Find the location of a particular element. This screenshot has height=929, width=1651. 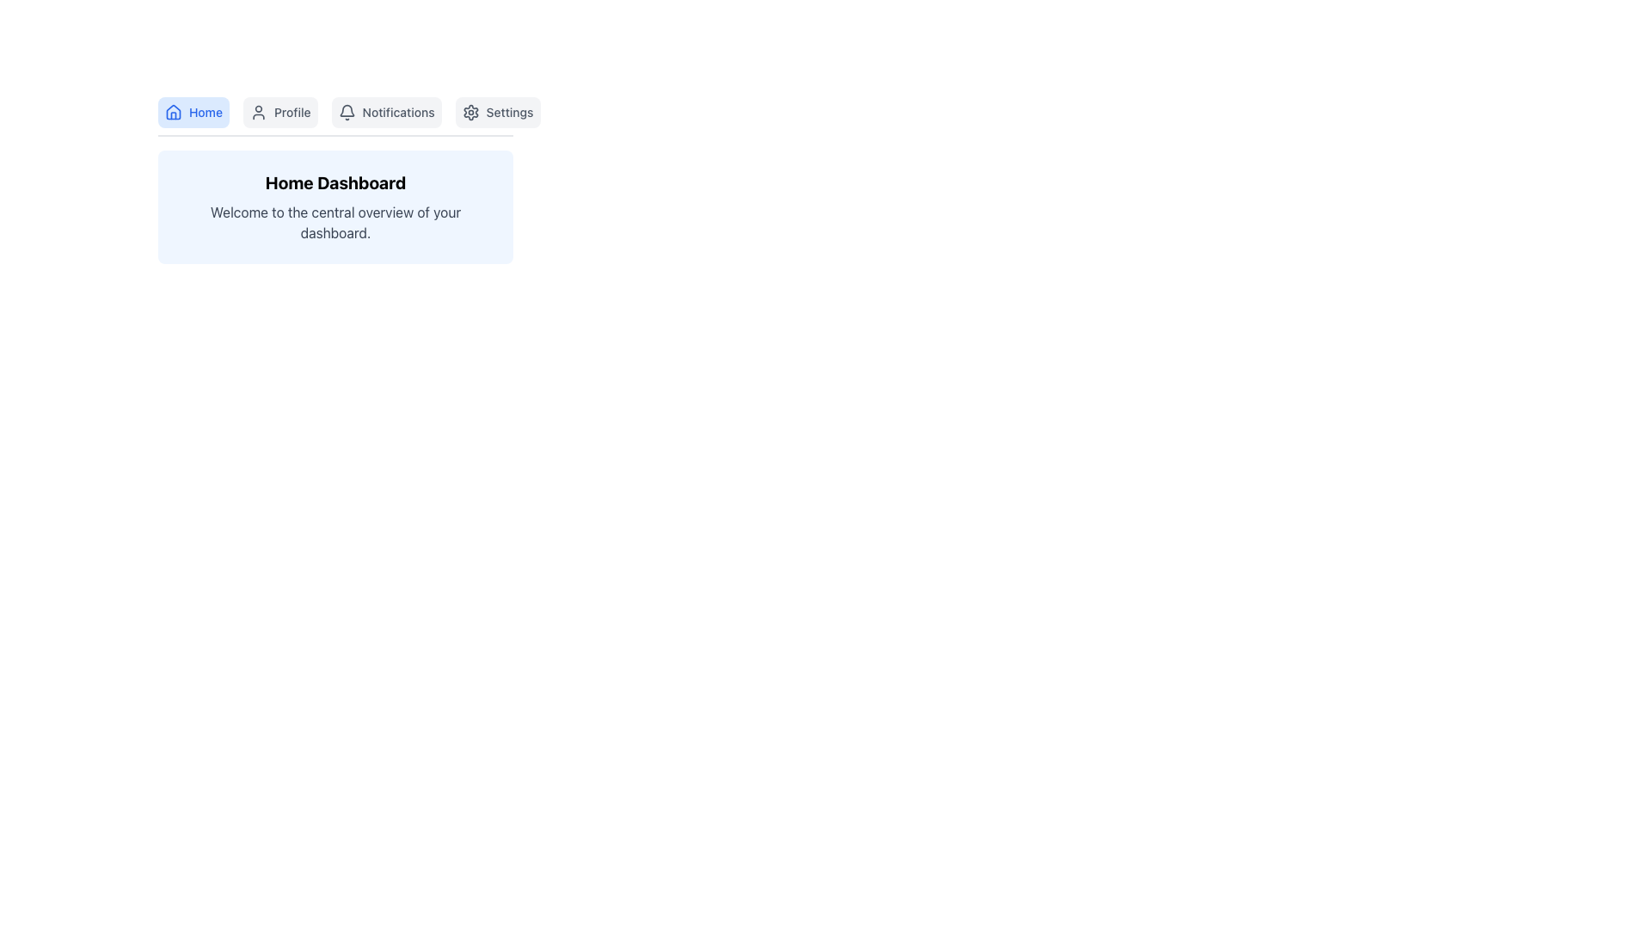

the 'Home' navigation button, which is the first button in a horizontal menu with a light blue background and bold blue text is located at coordinates (193, 113).